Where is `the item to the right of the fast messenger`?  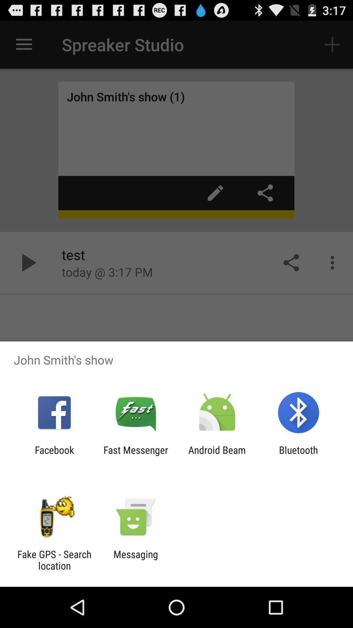
the item to the right of the fast messenger is located at coordinates (217, 455).